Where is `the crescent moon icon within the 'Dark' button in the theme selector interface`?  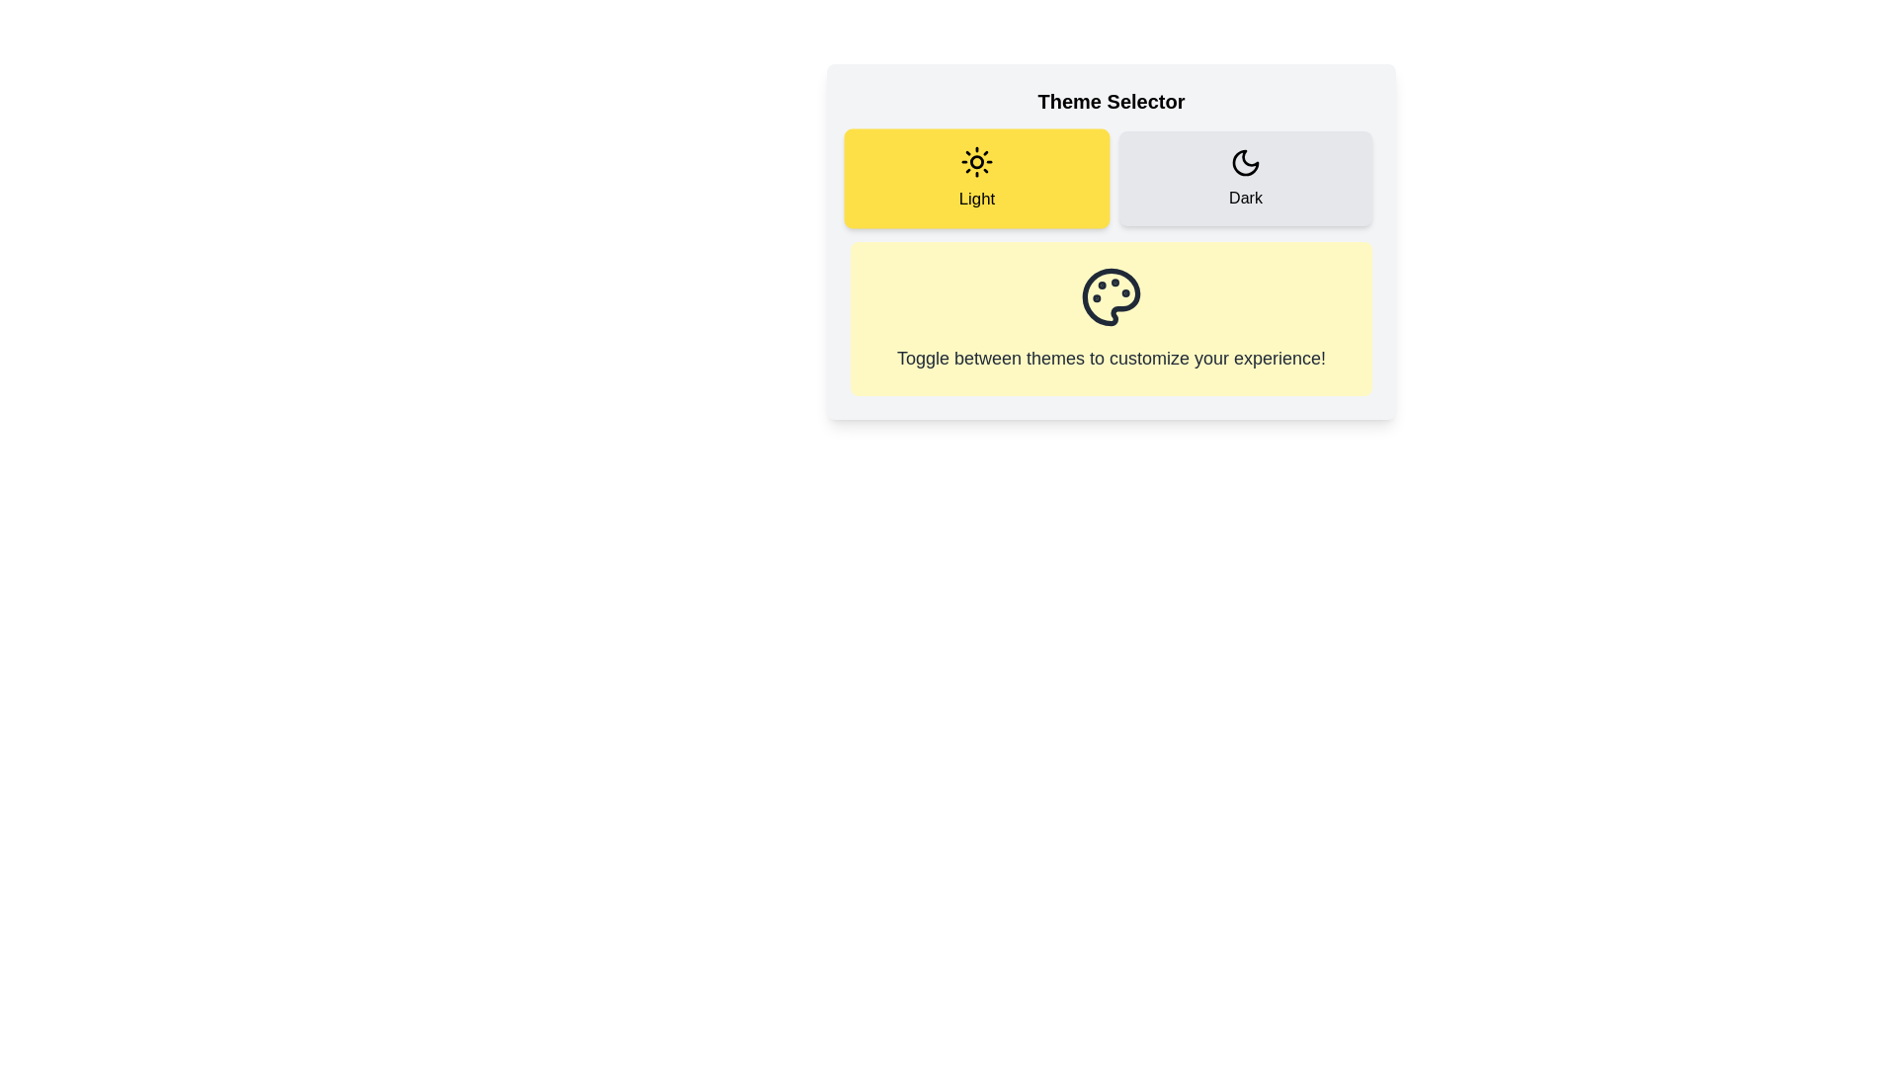
the crescent moon icon within the 'Dark' button in the theme selector interface is located at coordinates (1245, 162).